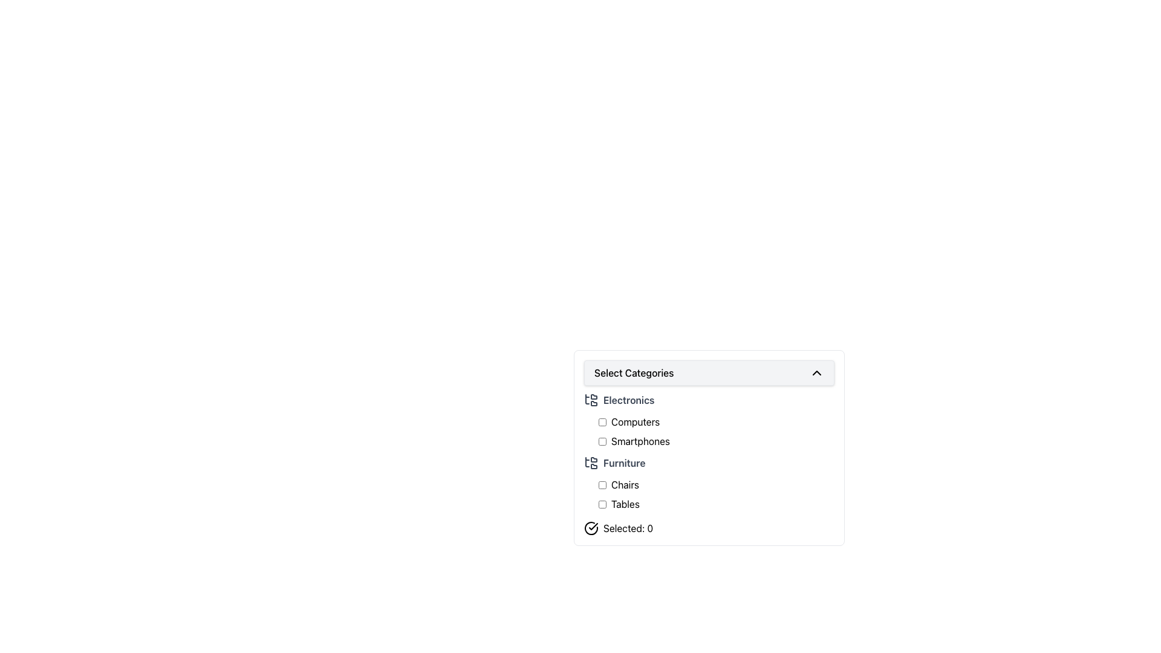 The height and width of the screenshot is (653, 1161). What do you see at coordinates (602, 421) in the screenshot?
I see `the checkbox located to the left of the 'Computers' label in the vertical navigation menu titled 'Select Categories'` at bounding box center [602, 421].